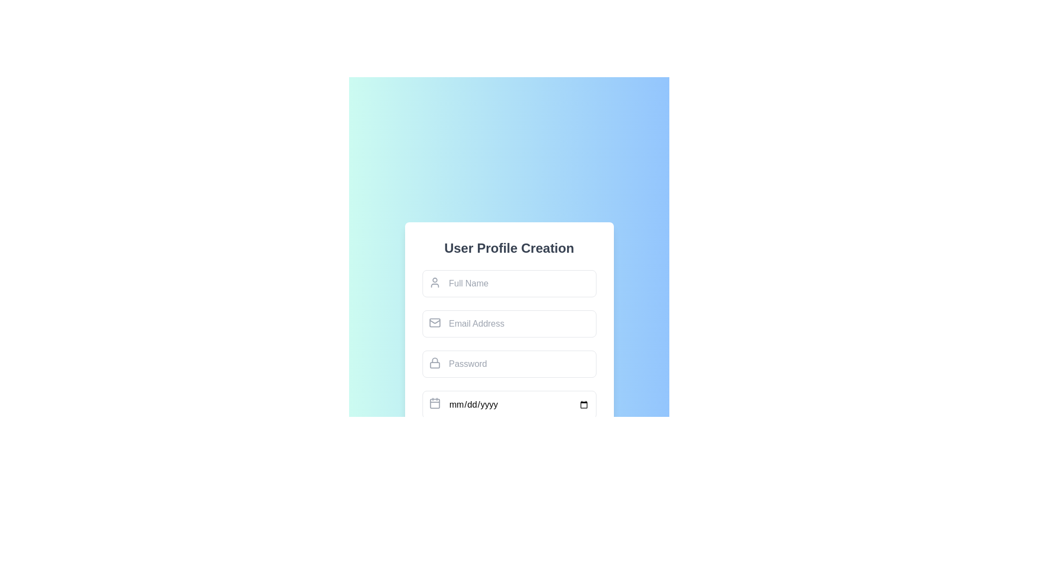 This screenshot has width=1044, height=587. Describe the element at coordinates (434, 365) in the screenshot. I see `the decorative SVG rectangle component of the lock icon associated with the password input field, located left of the password input field` at that location.